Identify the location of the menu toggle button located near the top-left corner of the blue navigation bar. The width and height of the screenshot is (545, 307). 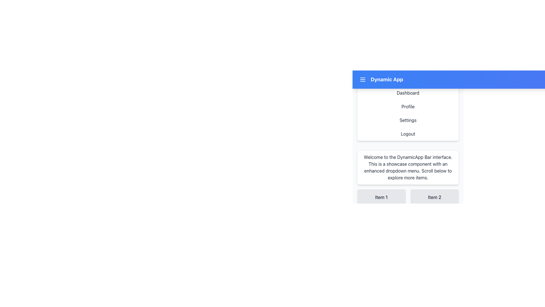
(362, 80).